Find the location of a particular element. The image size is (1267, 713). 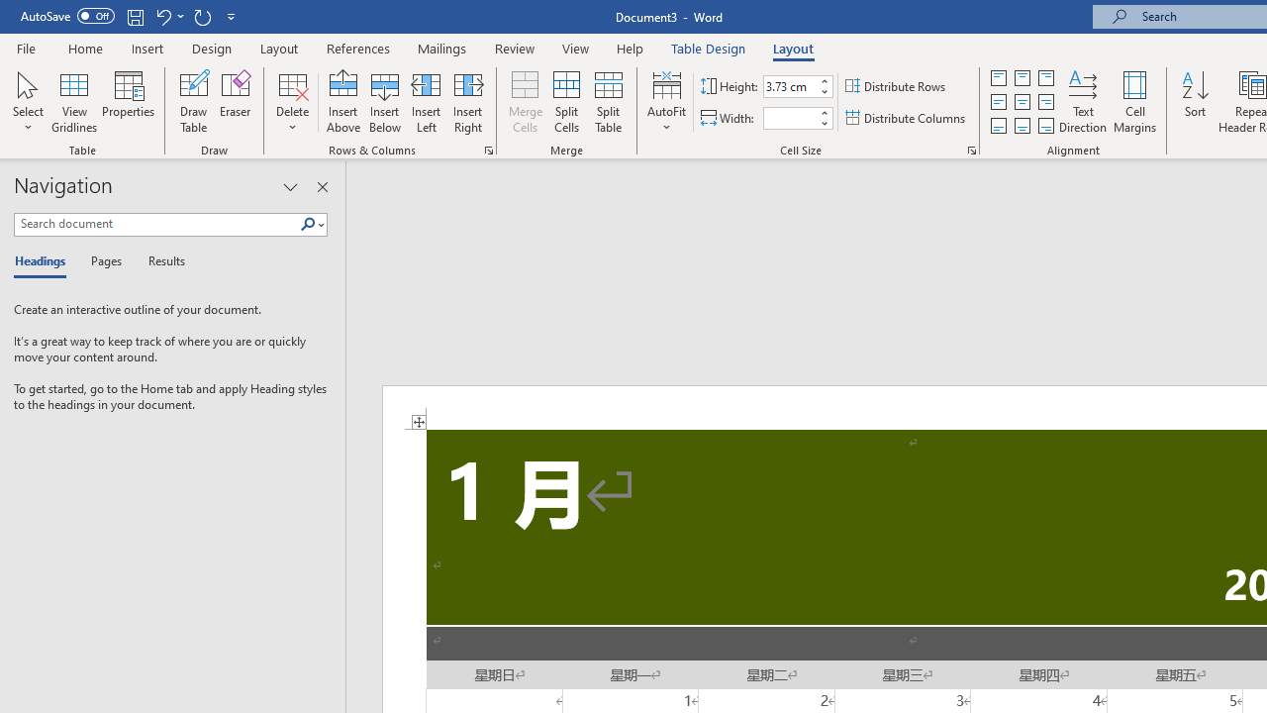

'Distribute Rows' is located at coordinates (896, 85).